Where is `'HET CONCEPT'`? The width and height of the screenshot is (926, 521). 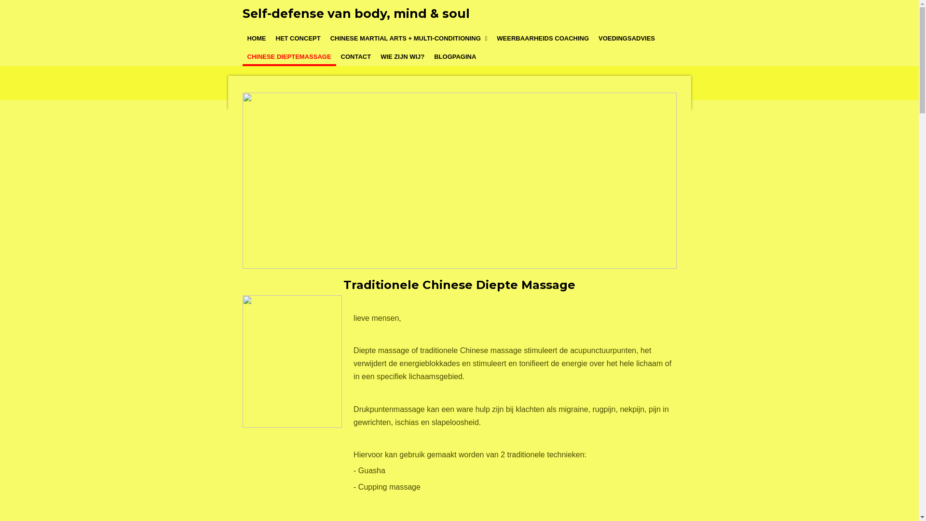
'HET CONCEPT' is located at coordinates (298, 38).